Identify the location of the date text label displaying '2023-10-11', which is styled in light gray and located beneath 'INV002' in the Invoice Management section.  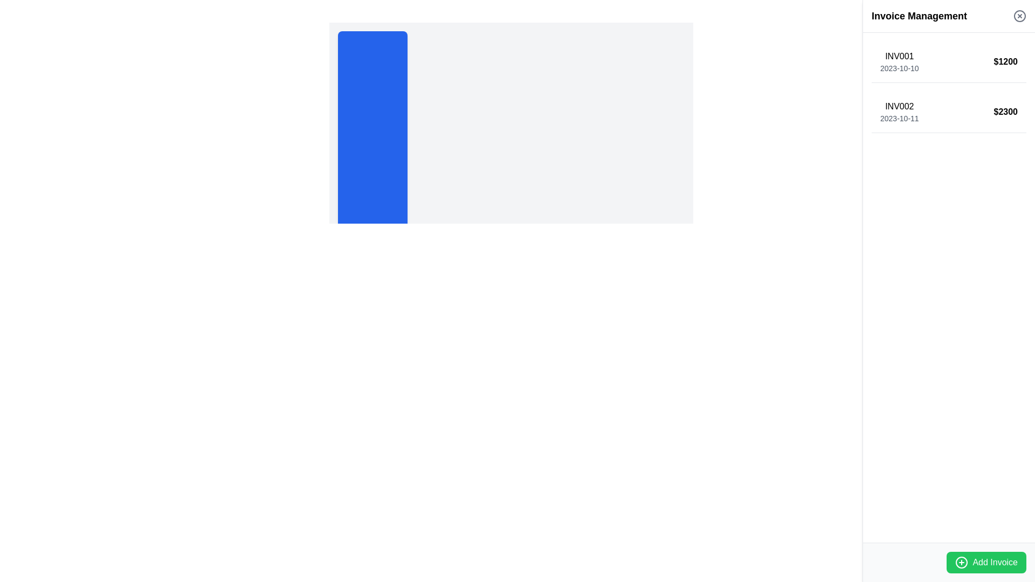
(899, 118).